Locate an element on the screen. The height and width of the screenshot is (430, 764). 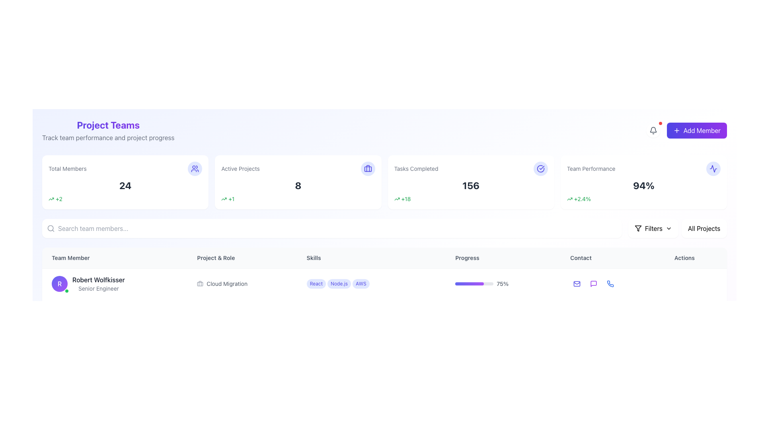
the bell icon located near the top-right corner of the interface is located at coordinates (653, 130).